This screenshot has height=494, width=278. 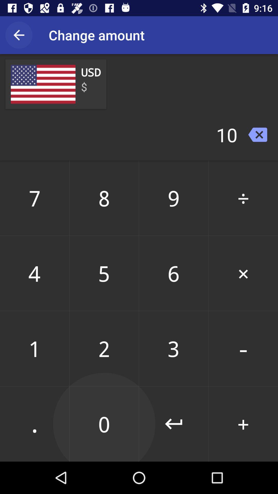 I want to click on item below 7 icon, so click(x=34, y=273).